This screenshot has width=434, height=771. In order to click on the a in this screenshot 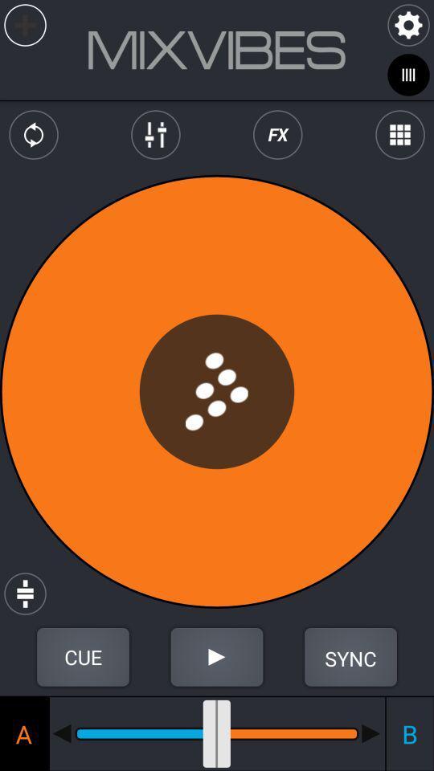, I will do `click(23, 733)`.